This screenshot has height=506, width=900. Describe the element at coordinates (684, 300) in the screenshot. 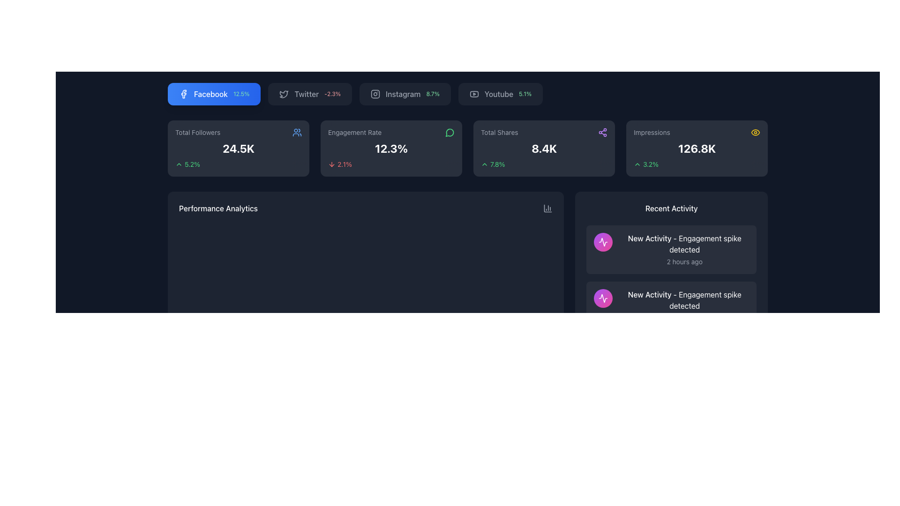

I see `the text label displaying 'New Activity - Engagement spike detected' located in the 'Recent Activity' section, which is the primary title text for the second listed activity card` at that location.